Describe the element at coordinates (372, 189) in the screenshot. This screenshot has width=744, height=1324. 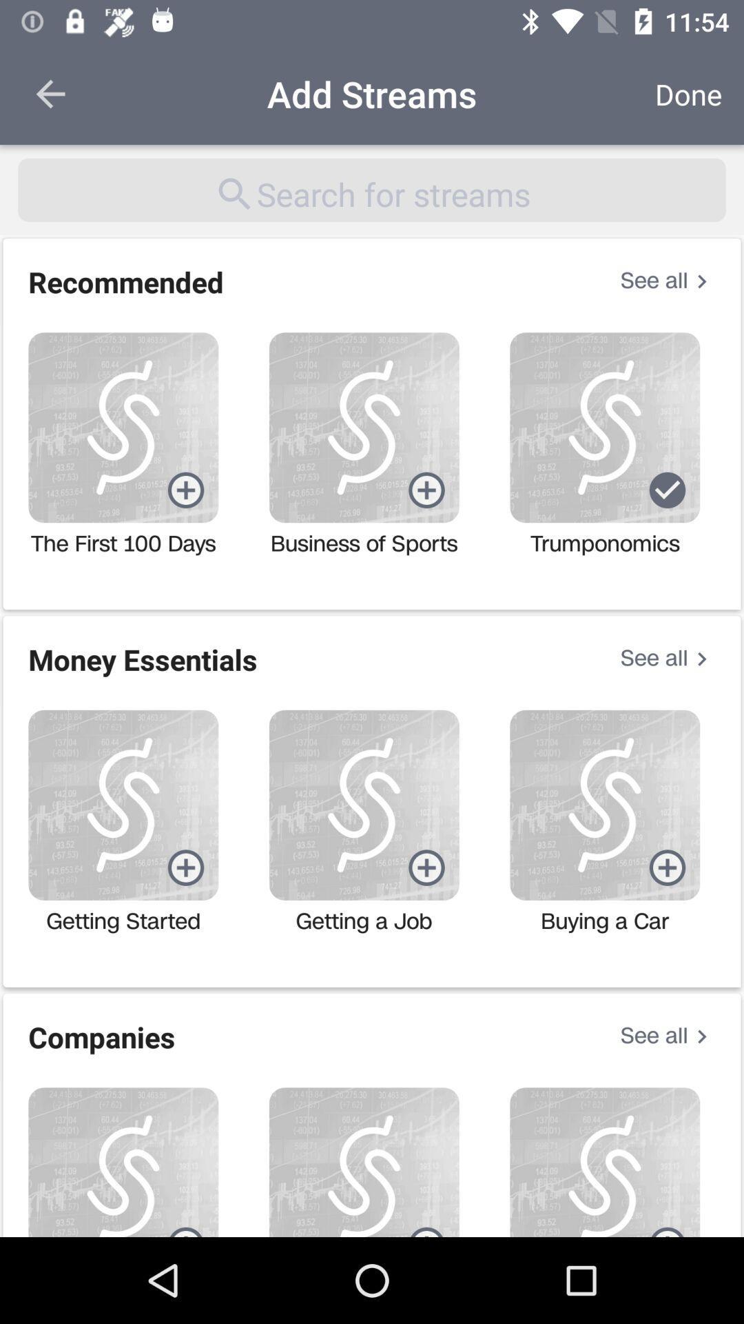
I see `search items` at that location.